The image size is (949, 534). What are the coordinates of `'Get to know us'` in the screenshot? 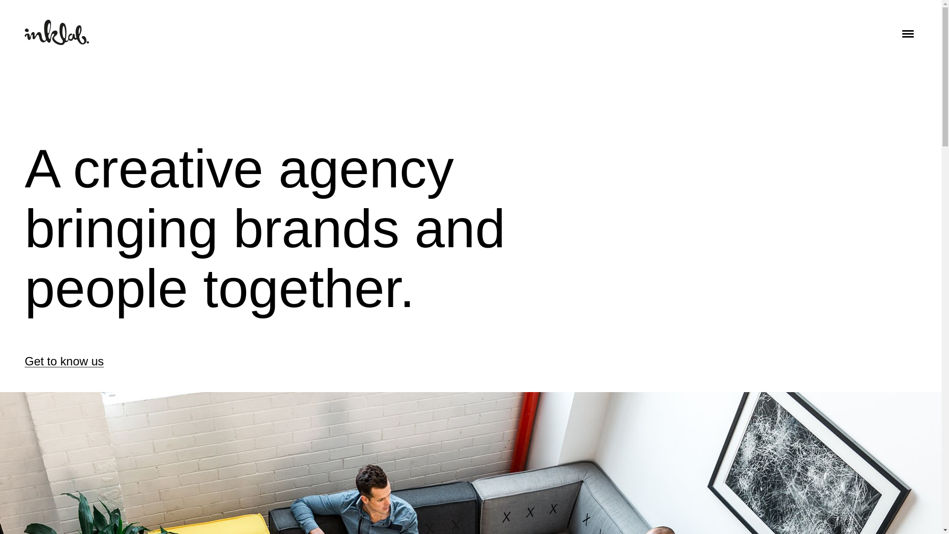 It's located at (63, 361).